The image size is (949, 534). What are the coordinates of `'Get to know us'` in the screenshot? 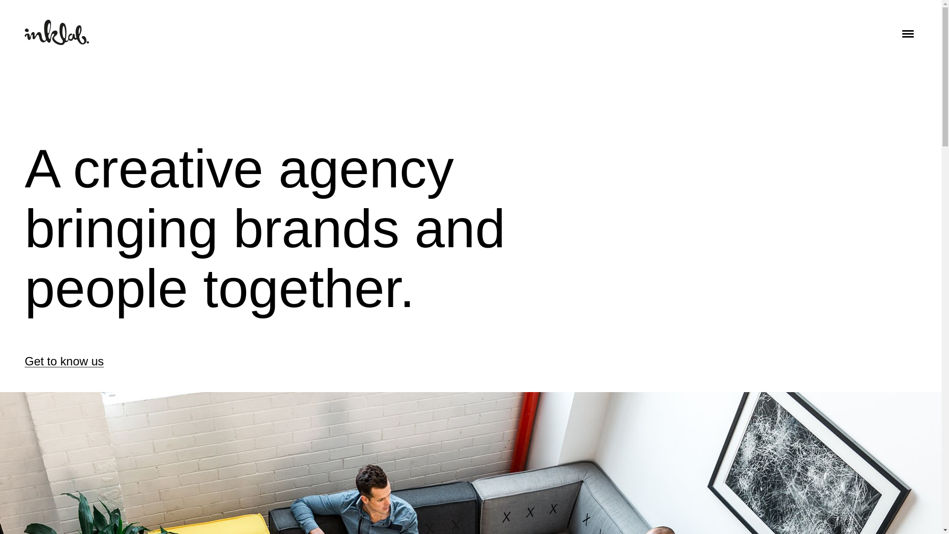 It's located at (63, 361).